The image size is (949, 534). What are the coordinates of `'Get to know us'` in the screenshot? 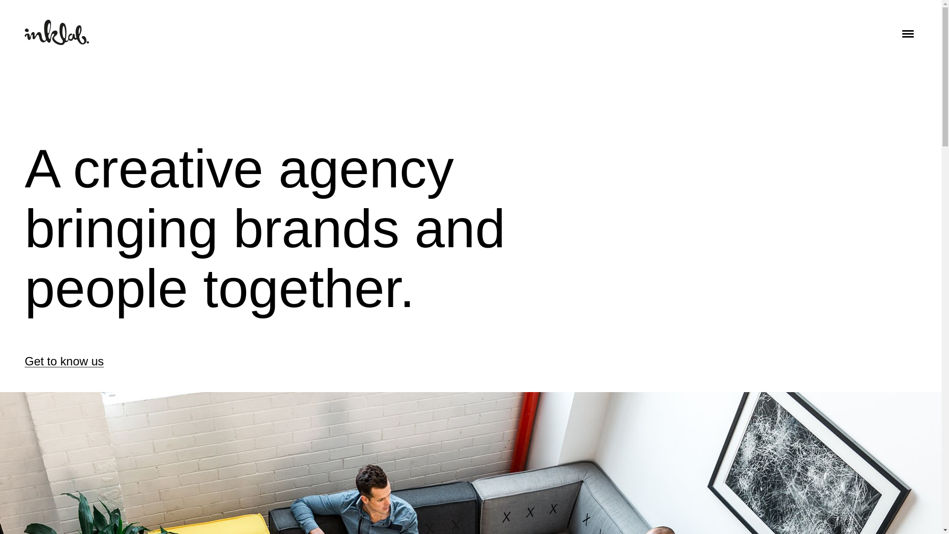 It's located at (63, 361).